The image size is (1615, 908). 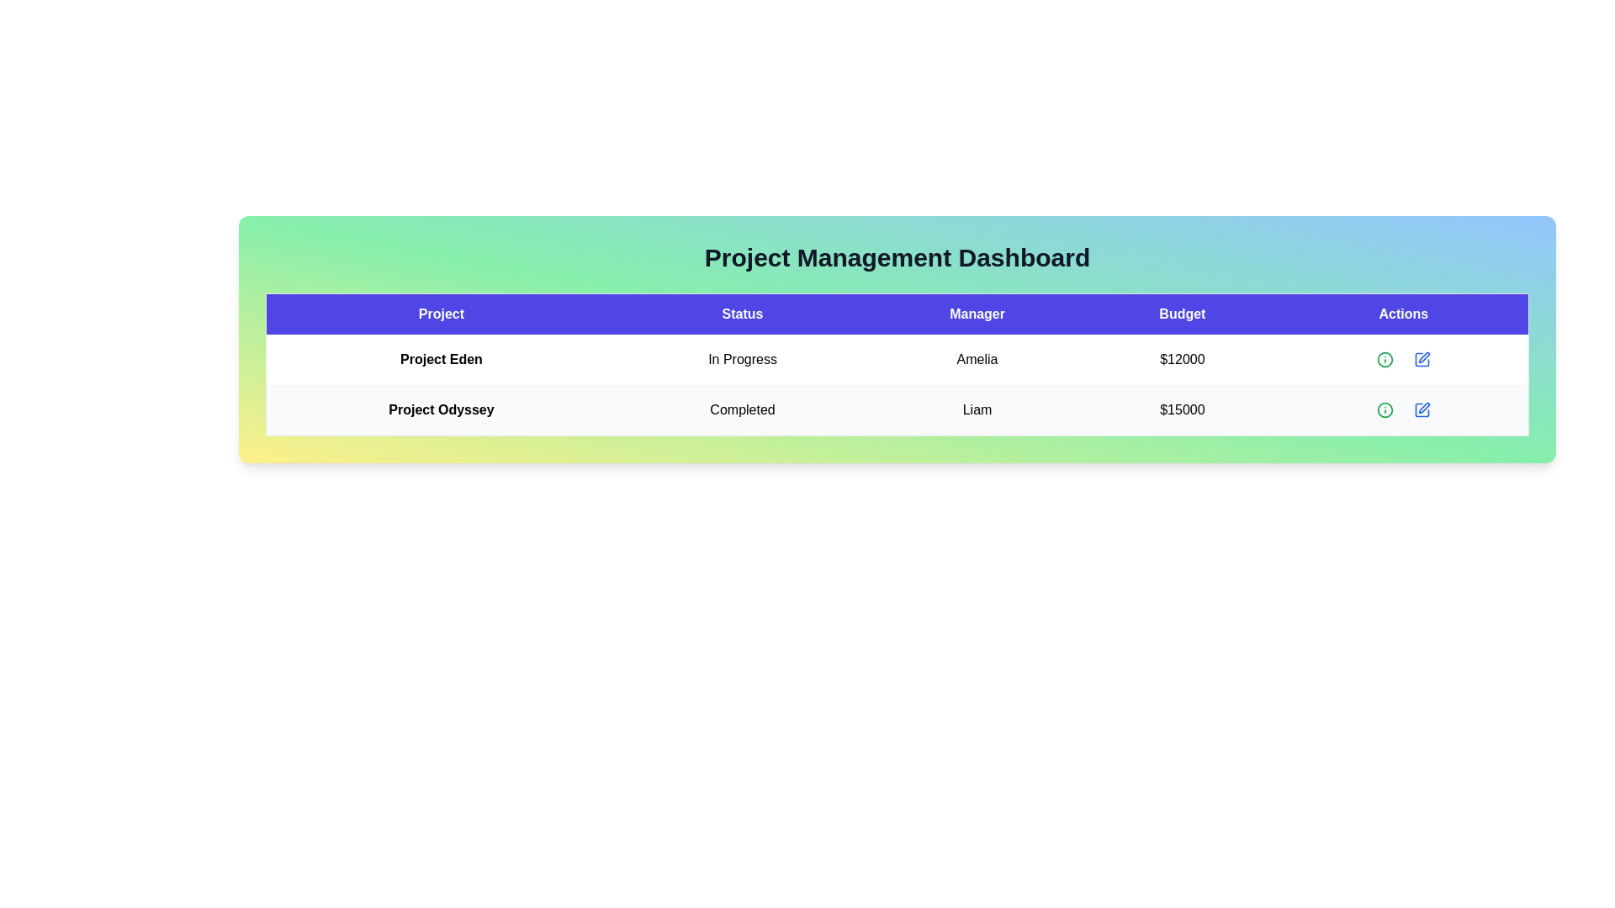 I want to click on the informational icon with a green outline and 'i' text in the 'Actions' column for 'Project Eden', so click(x=1385, y=359).